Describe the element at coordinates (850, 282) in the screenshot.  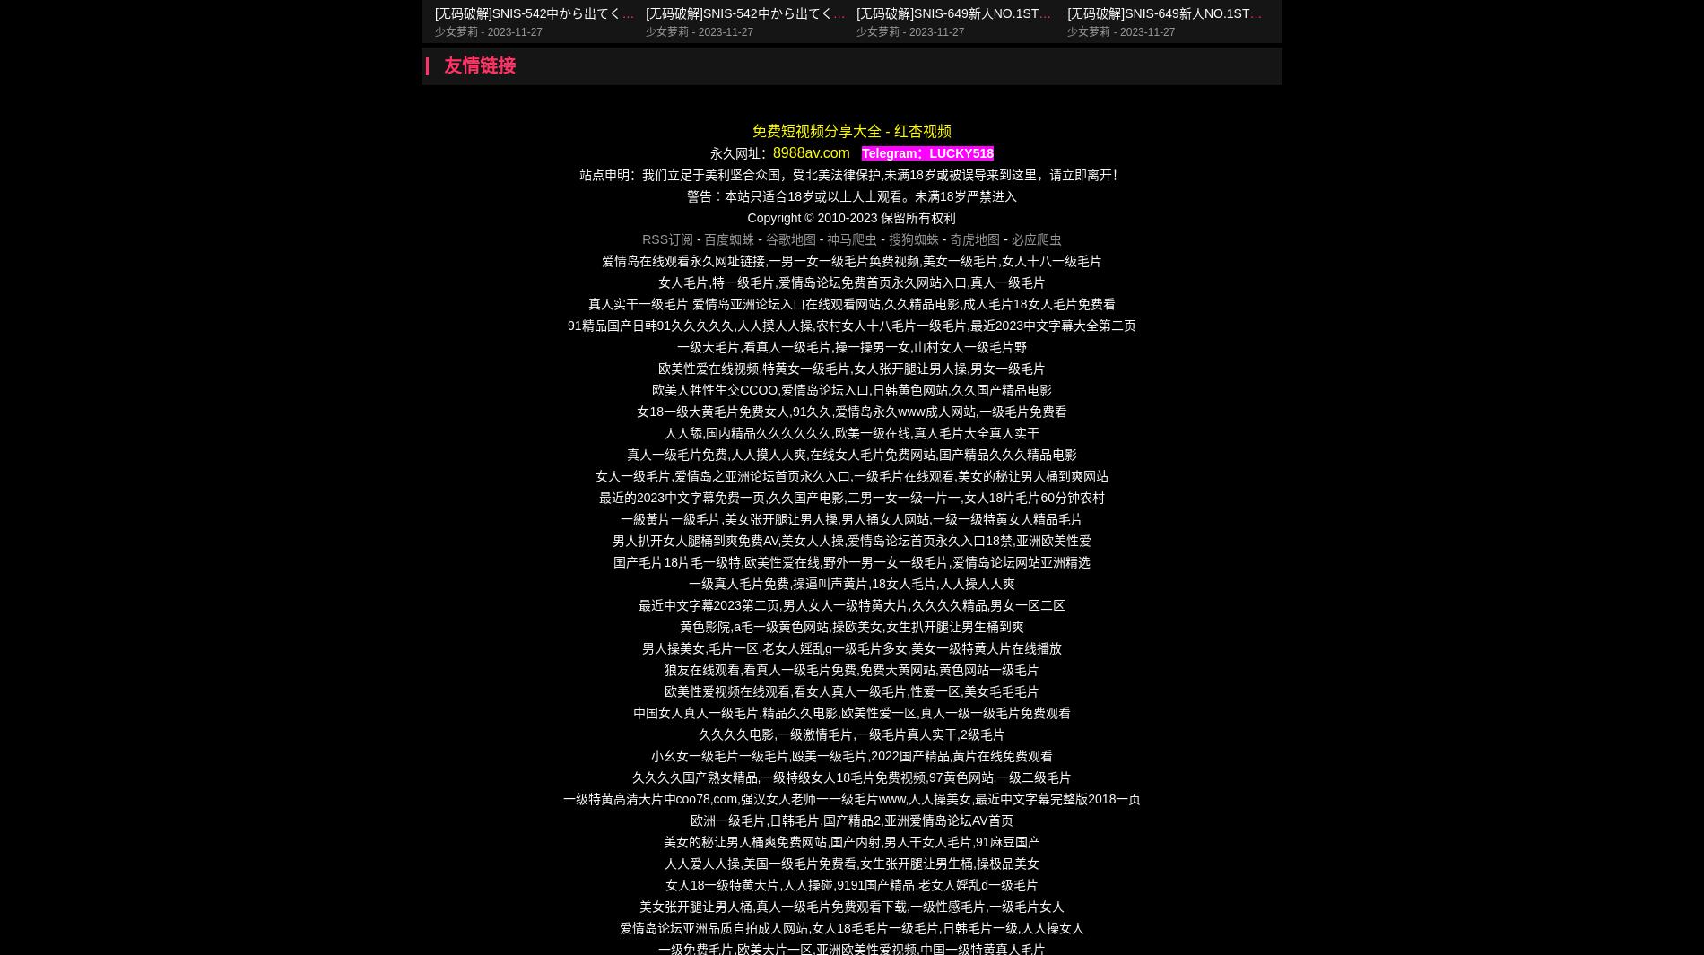
I see `'女人毛片,特一级毛片,爱情岛论坛免费首页永久网站入口,真人一级毛片'` at that location.